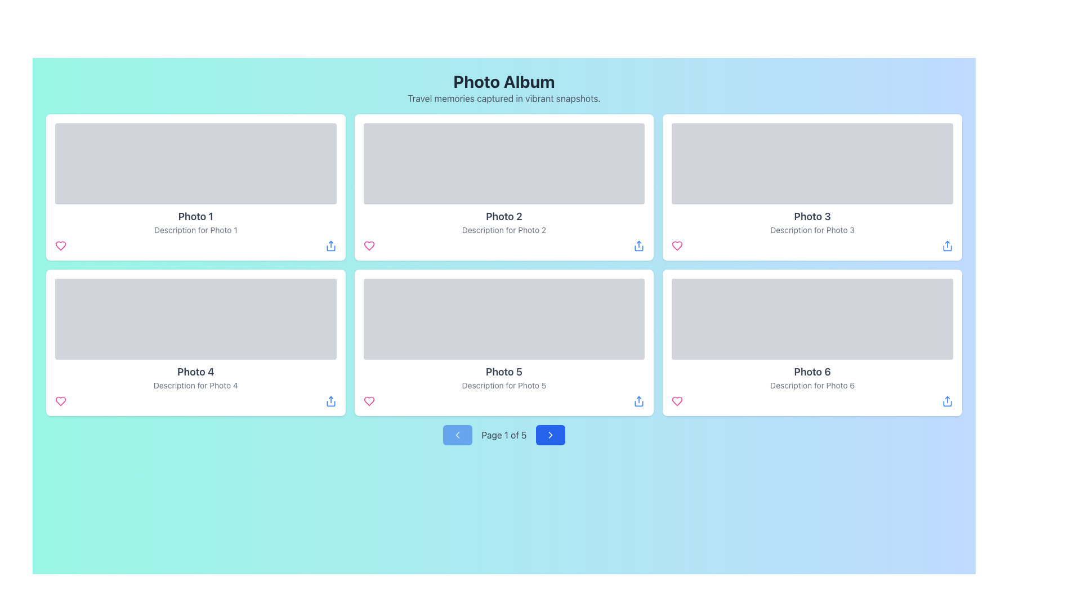 This screenshot has height=608, width=1081. What do you see at coordinates (550, 434) in the screenshot?
I see `the navigation button located at the bottom center of the interface, to the right of the 'Page 1 of 5' label` at bounding box center [550, 434].